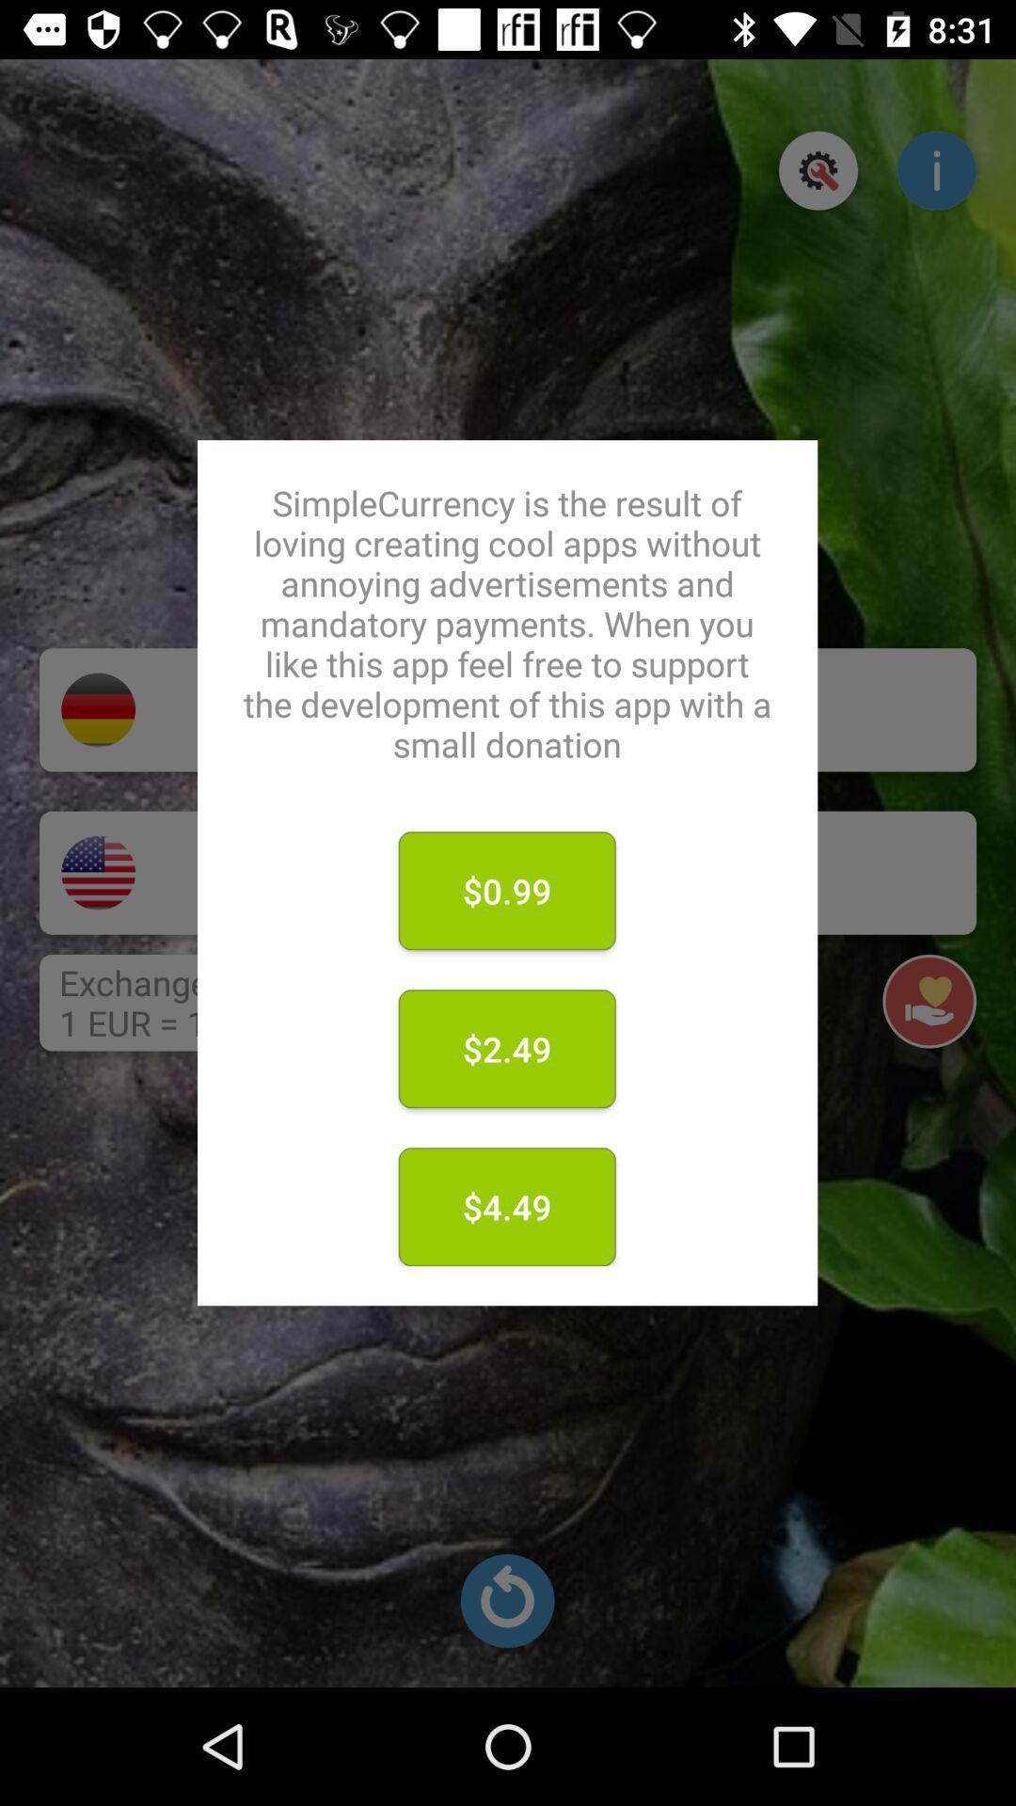 This screenshot has height=1806, width=1016. What do you see at coordinates (506, 1600) in the screenshot?
I see `refresh the current results` at bounding box center [506, 1600].